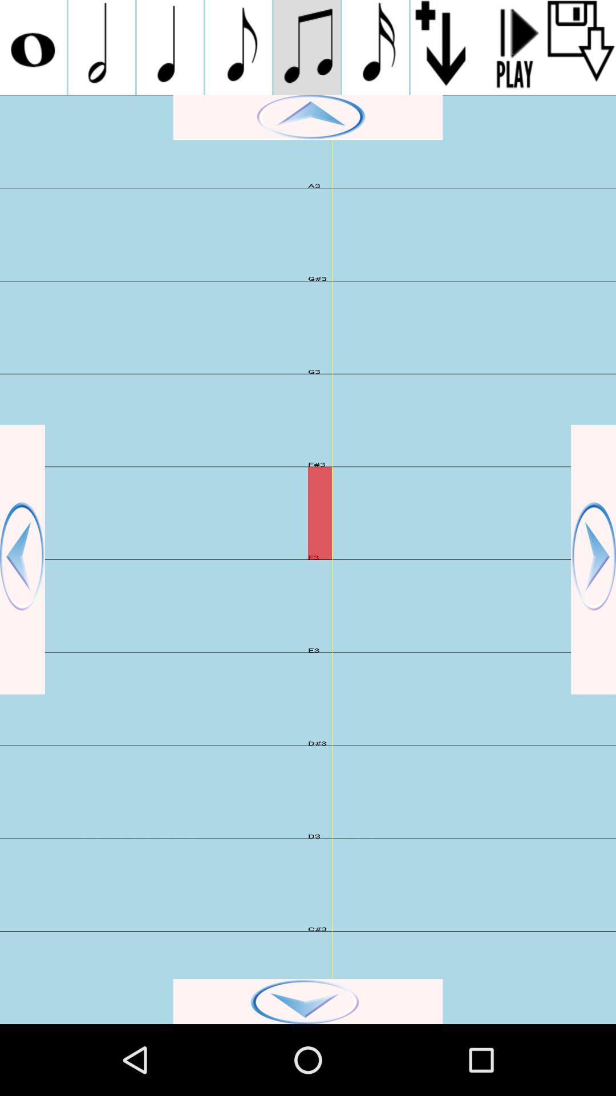 This screenshot has width=616, height=1096. What do you see at coordinates (101, 47) in the screenshot?
I see `music tone` at bounding box center [101, 47].